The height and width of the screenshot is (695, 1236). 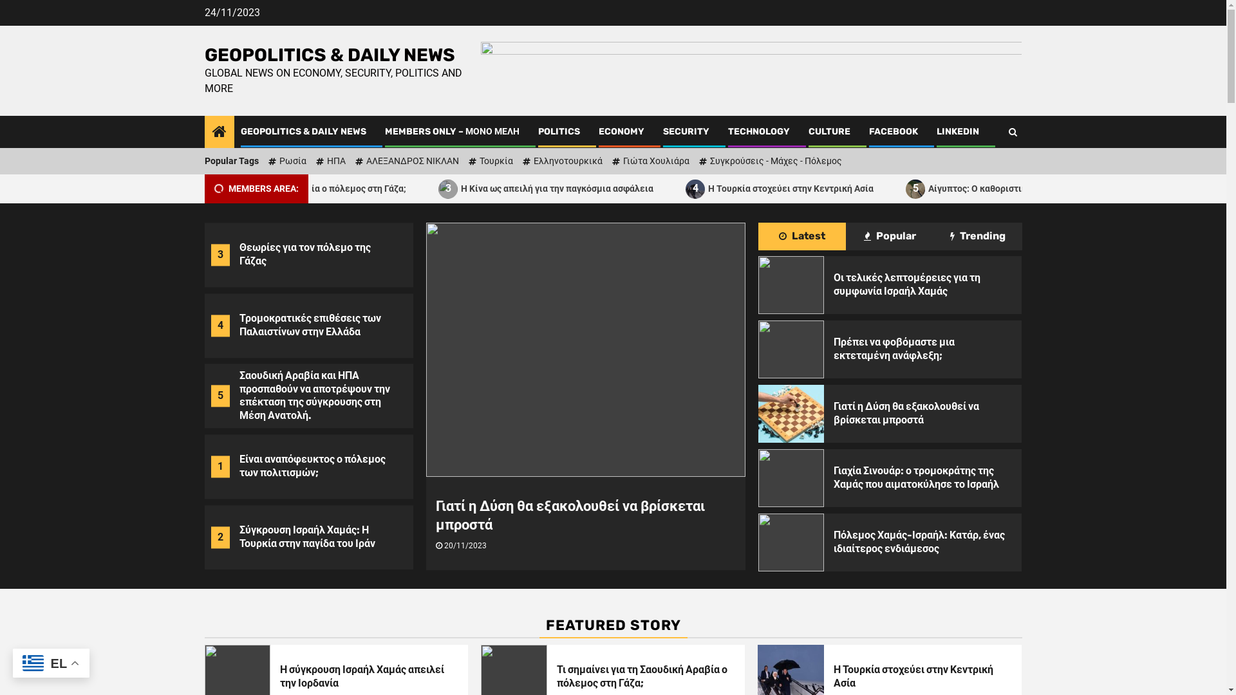 I want to click on 'GEOPOLITICS & DAILY NEWS', so click(x=303, y=131).